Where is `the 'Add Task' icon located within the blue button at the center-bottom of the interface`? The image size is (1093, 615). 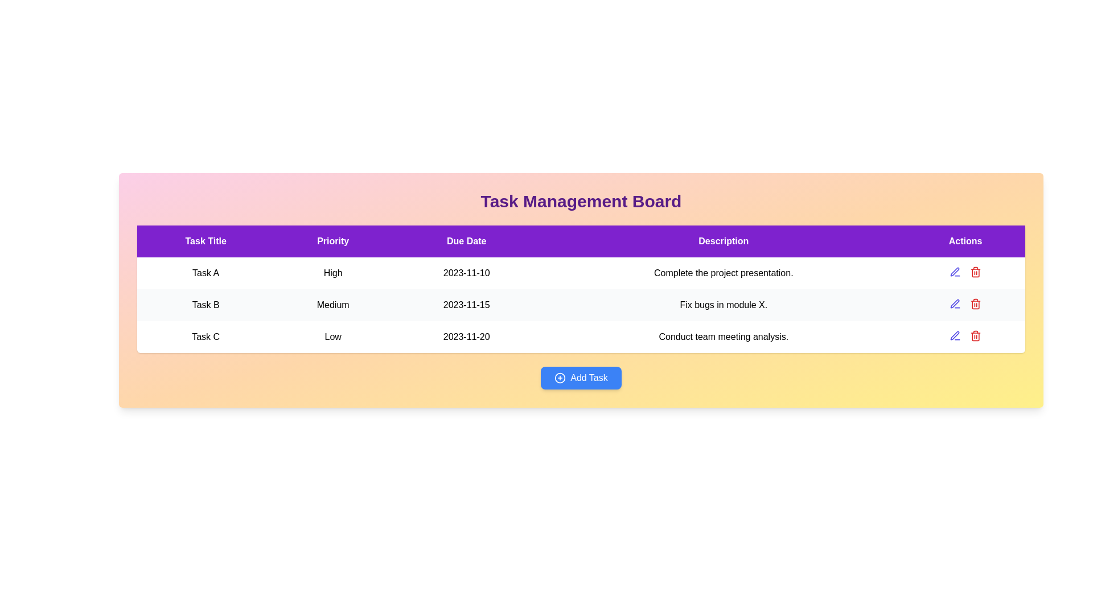
the 'Add Task' icon located within the blue button at the center-bottom of the interface is located at coordinates (560, 378).